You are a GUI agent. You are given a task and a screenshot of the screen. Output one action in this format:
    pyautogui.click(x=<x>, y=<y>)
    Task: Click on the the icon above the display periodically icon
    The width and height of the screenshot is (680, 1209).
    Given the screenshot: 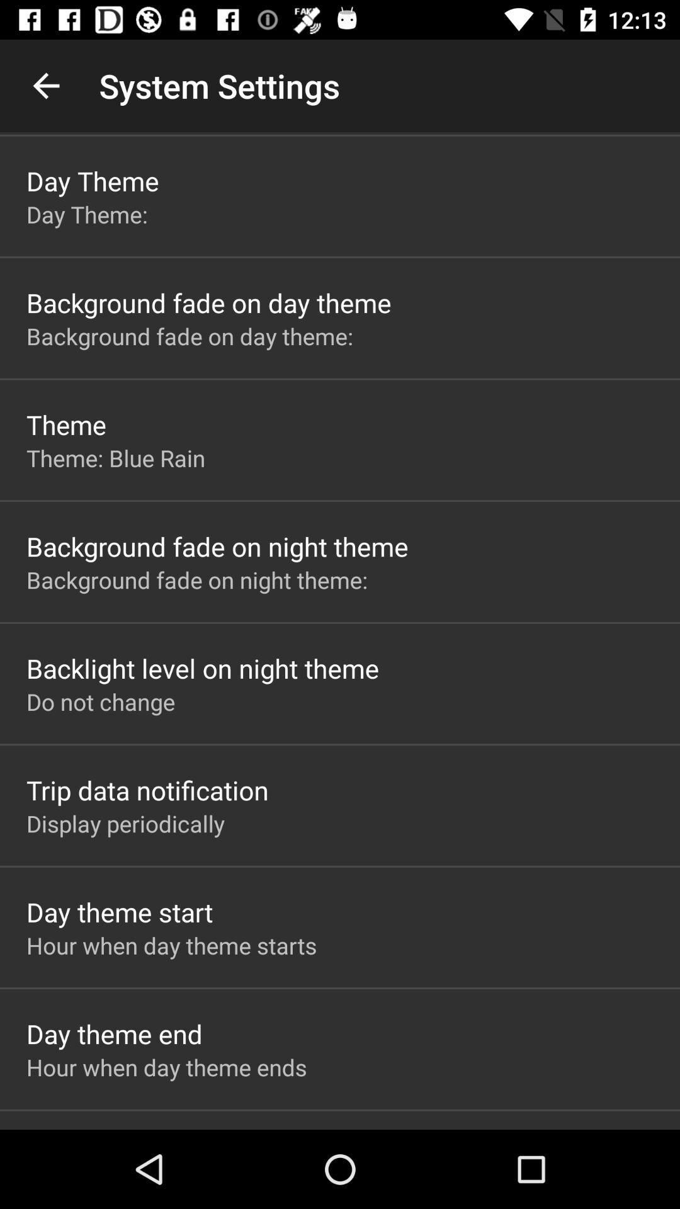 What is the action you would take?
    pyautogui.click(x=147, y=789)
    